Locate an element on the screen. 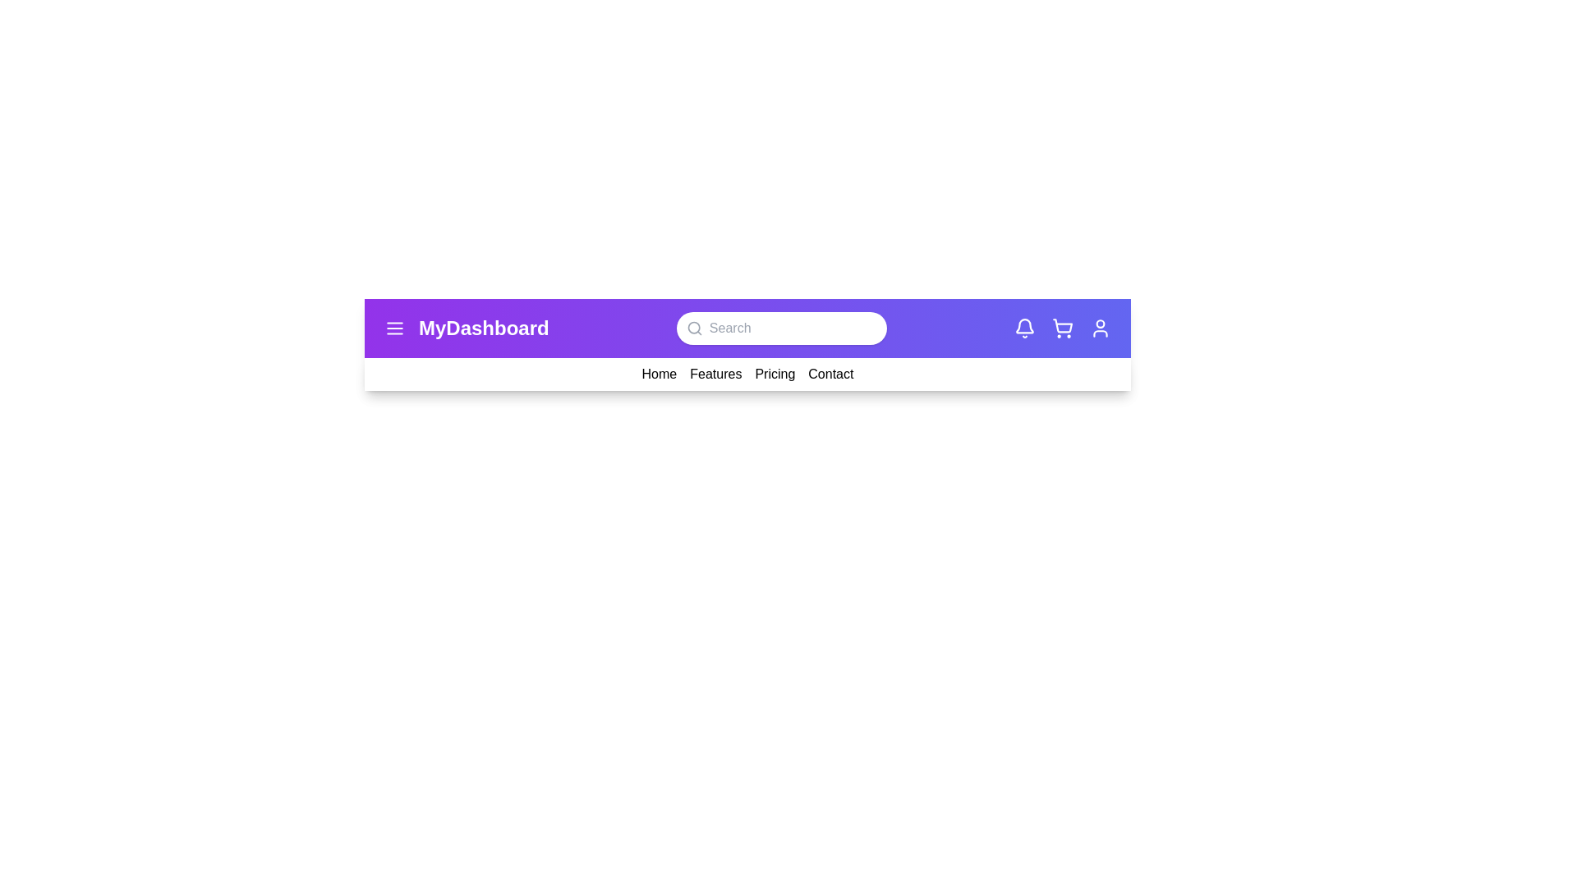 This screenshot has width=1577, height=887. the notification bell icon is located at coordinates (1024, 329).